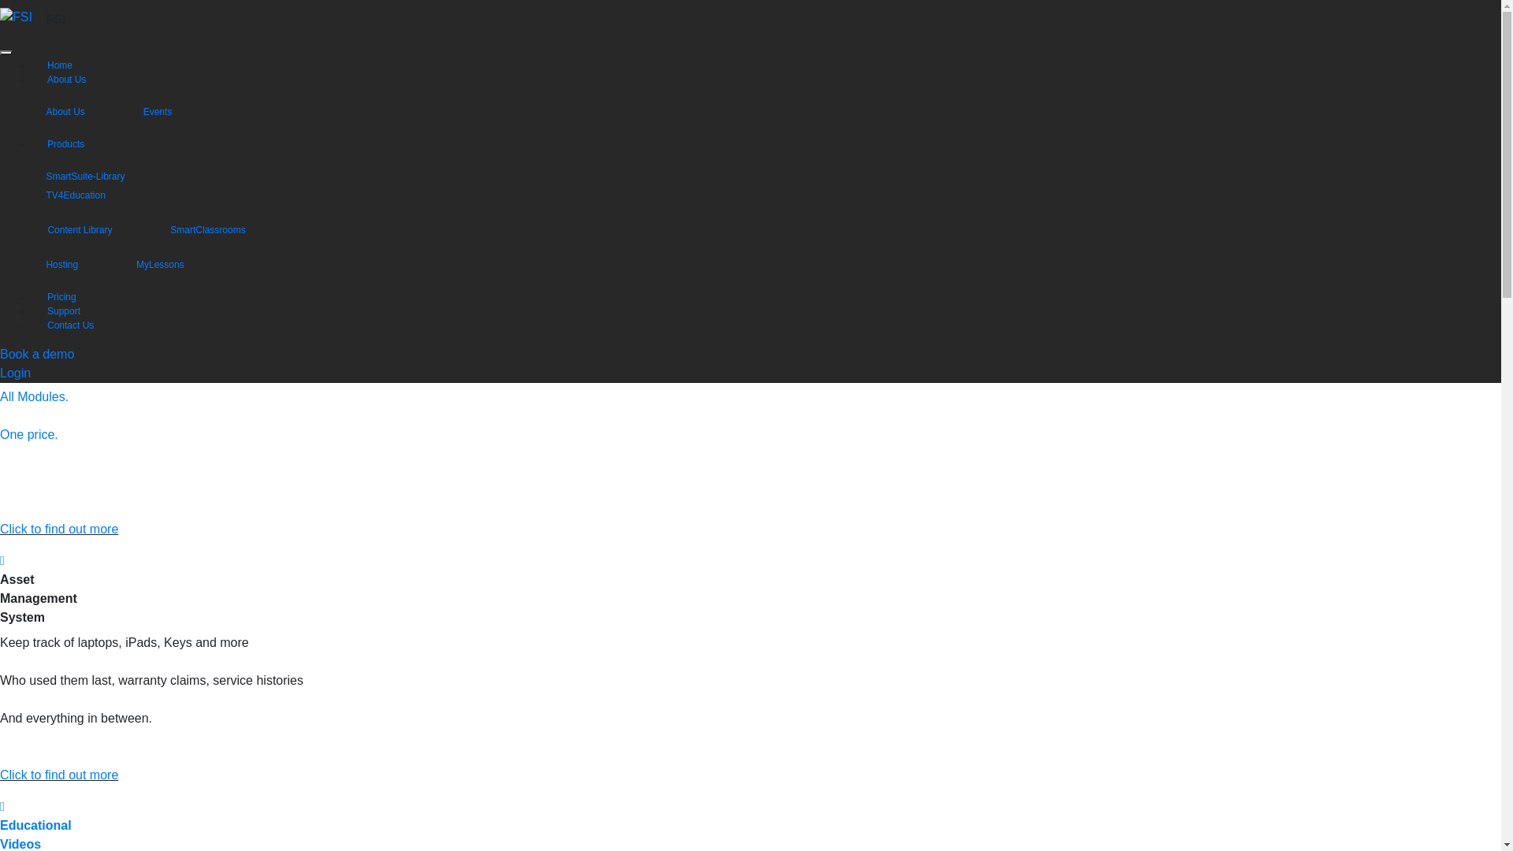  Describe the element at coordinates (89, 194) in the screenshot. I see `'TV4Education'` at that location.